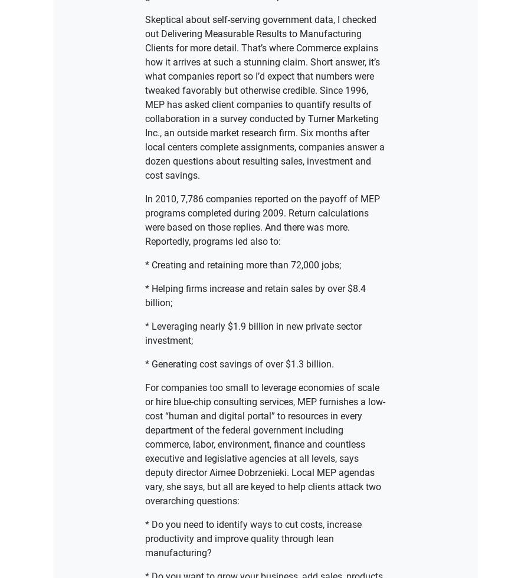 Image resolution: width=531 pixels, height=578 pixels. Describe the element at coordinates (265, 298) in the screenshot. I see `'Success Stories'` at that location.